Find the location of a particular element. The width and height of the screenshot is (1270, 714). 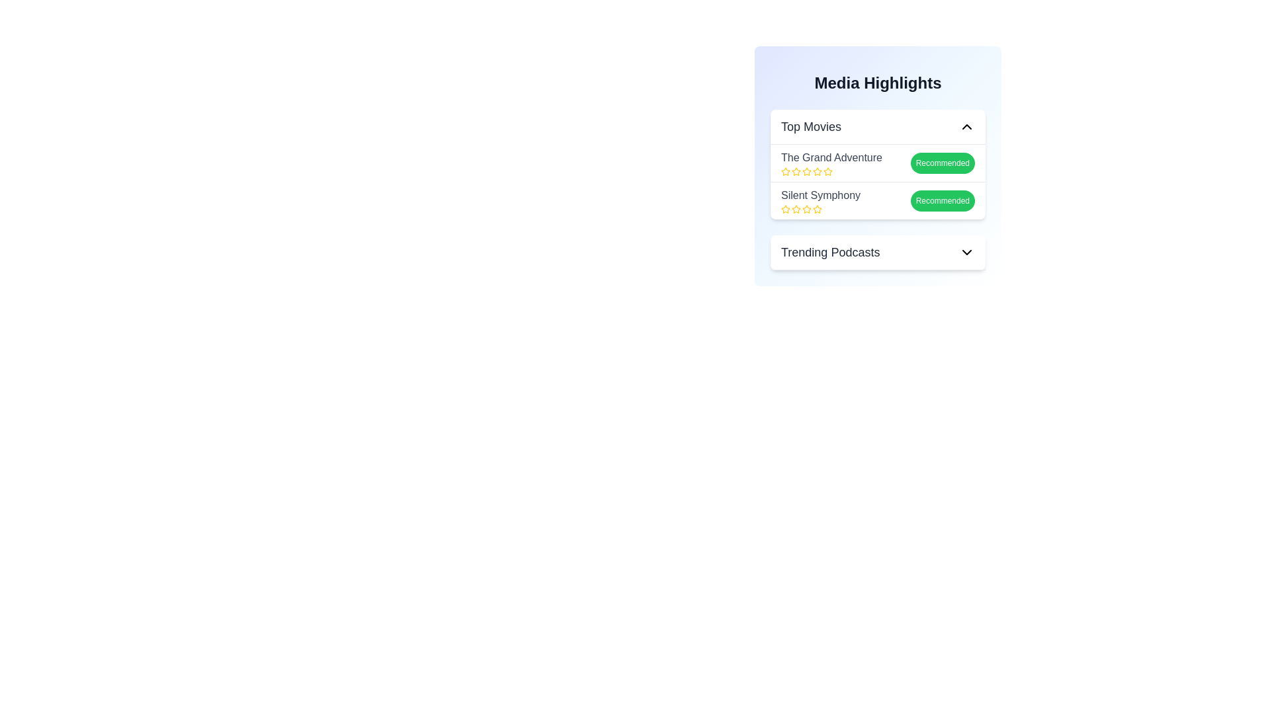

the expand/collapse button for the category Trending Podcasts is located at coordinates (967, 252).